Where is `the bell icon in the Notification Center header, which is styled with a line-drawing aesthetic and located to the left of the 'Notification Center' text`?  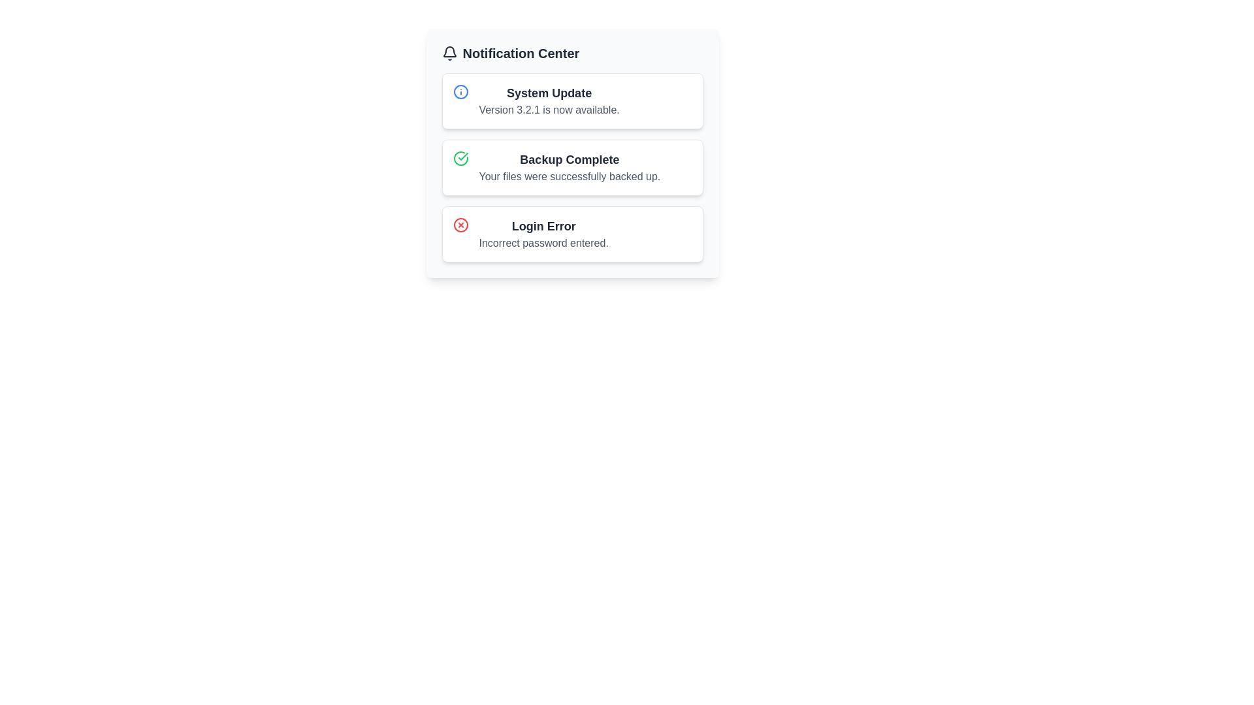
the bell icon in the Notification Center header, which is styled with a line-drawing aesthetic and located to the left of the 'Notification Center' text is located at coordinates (449, 52).